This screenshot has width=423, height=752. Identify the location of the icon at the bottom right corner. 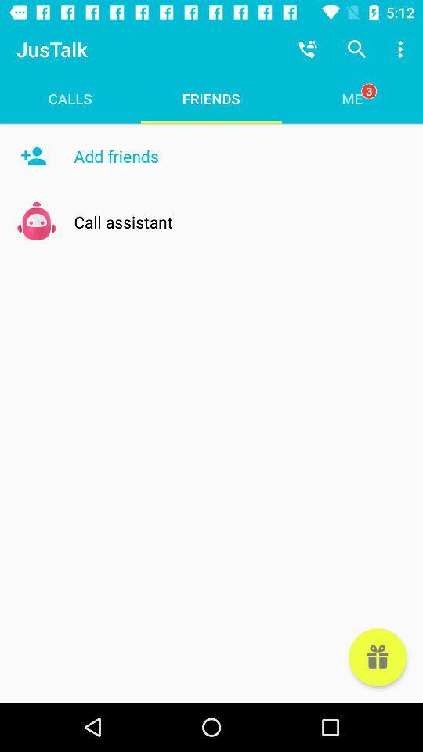
(377, 657).